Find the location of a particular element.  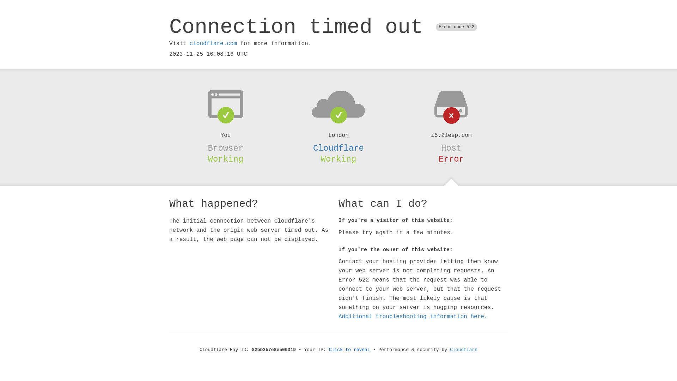

'cloudflare.com' is located at coordinates (213, 43).